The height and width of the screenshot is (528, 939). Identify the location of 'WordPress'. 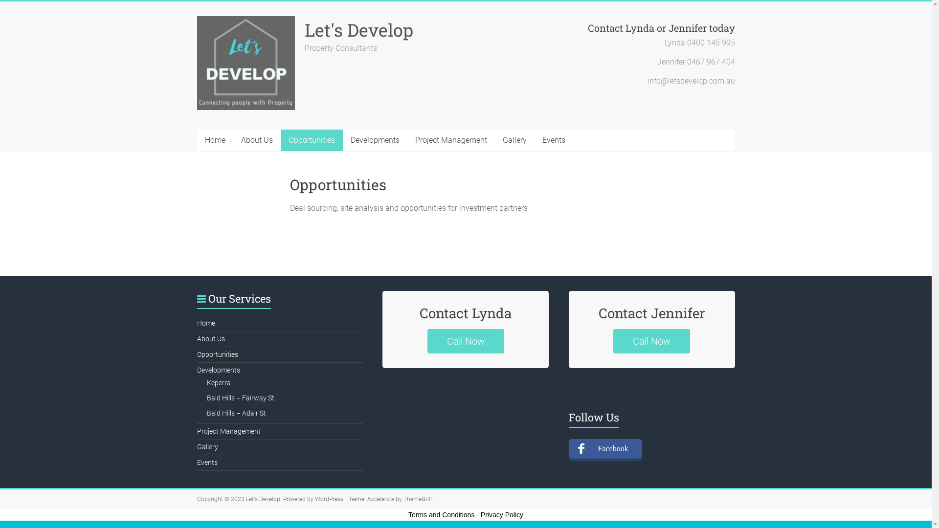
(329, 499).